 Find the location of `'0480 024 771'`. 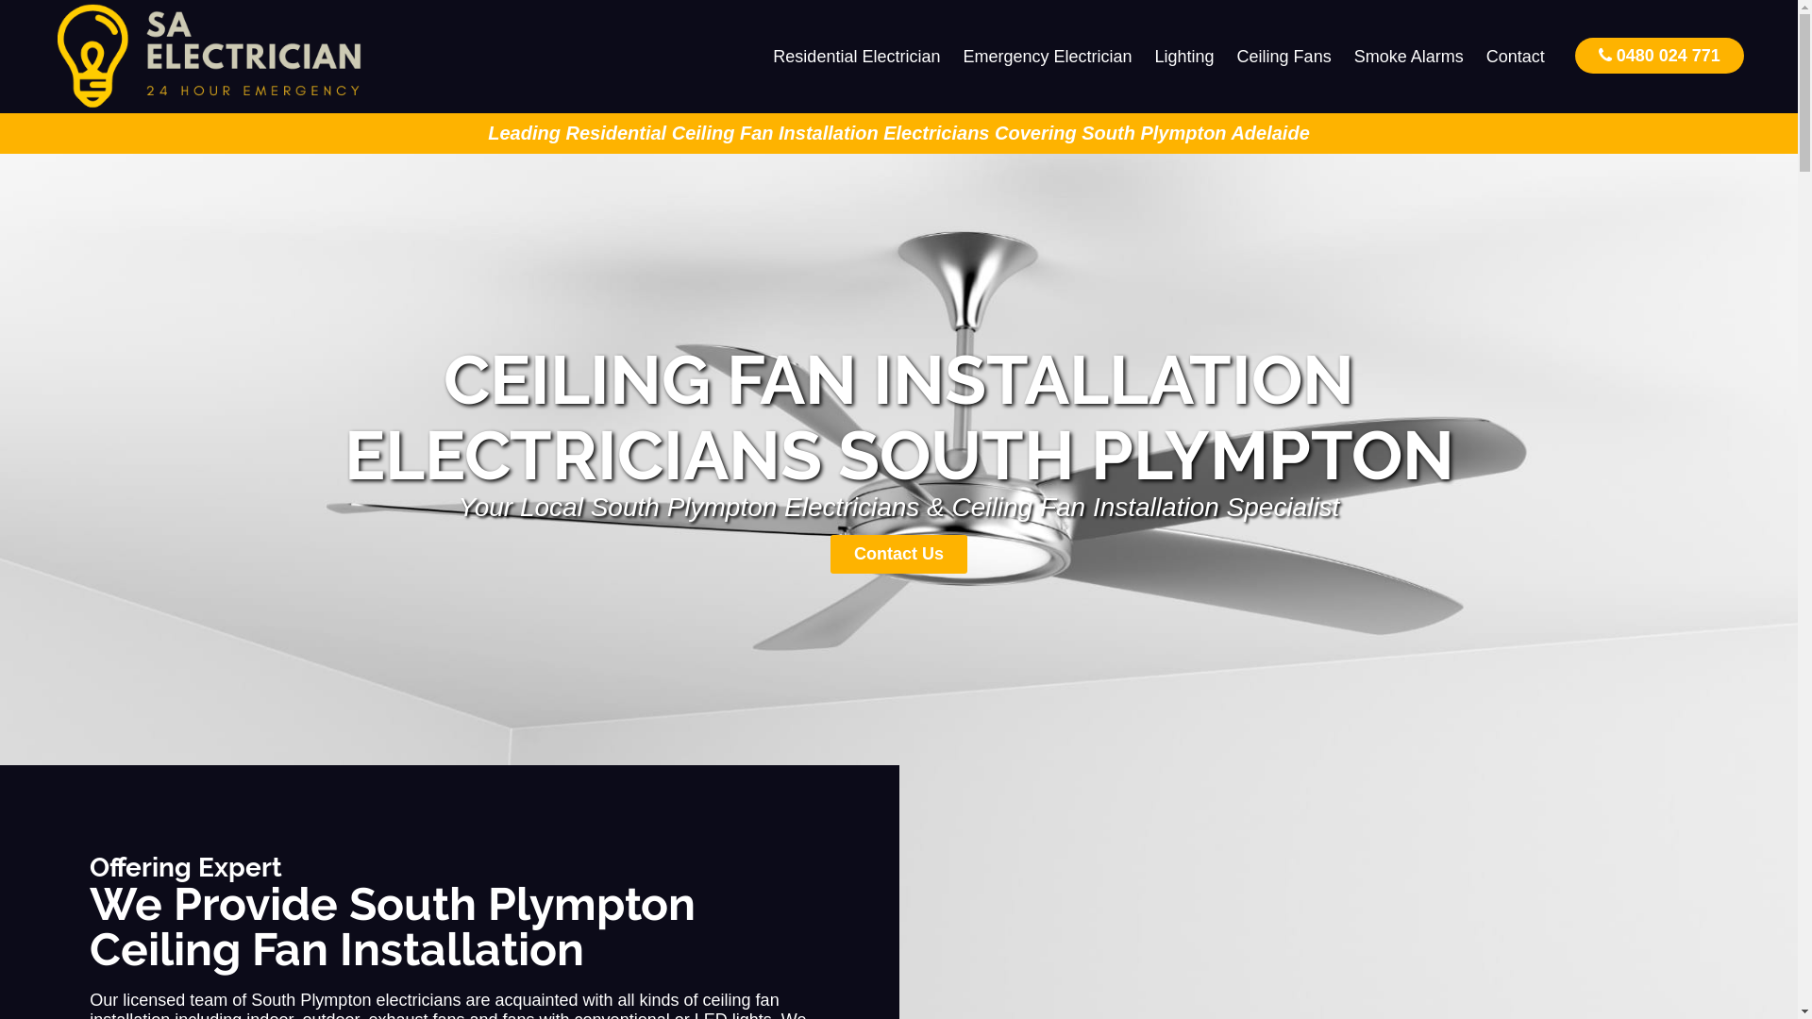

'0480 024 771' is located at coordinates (1658, 54).